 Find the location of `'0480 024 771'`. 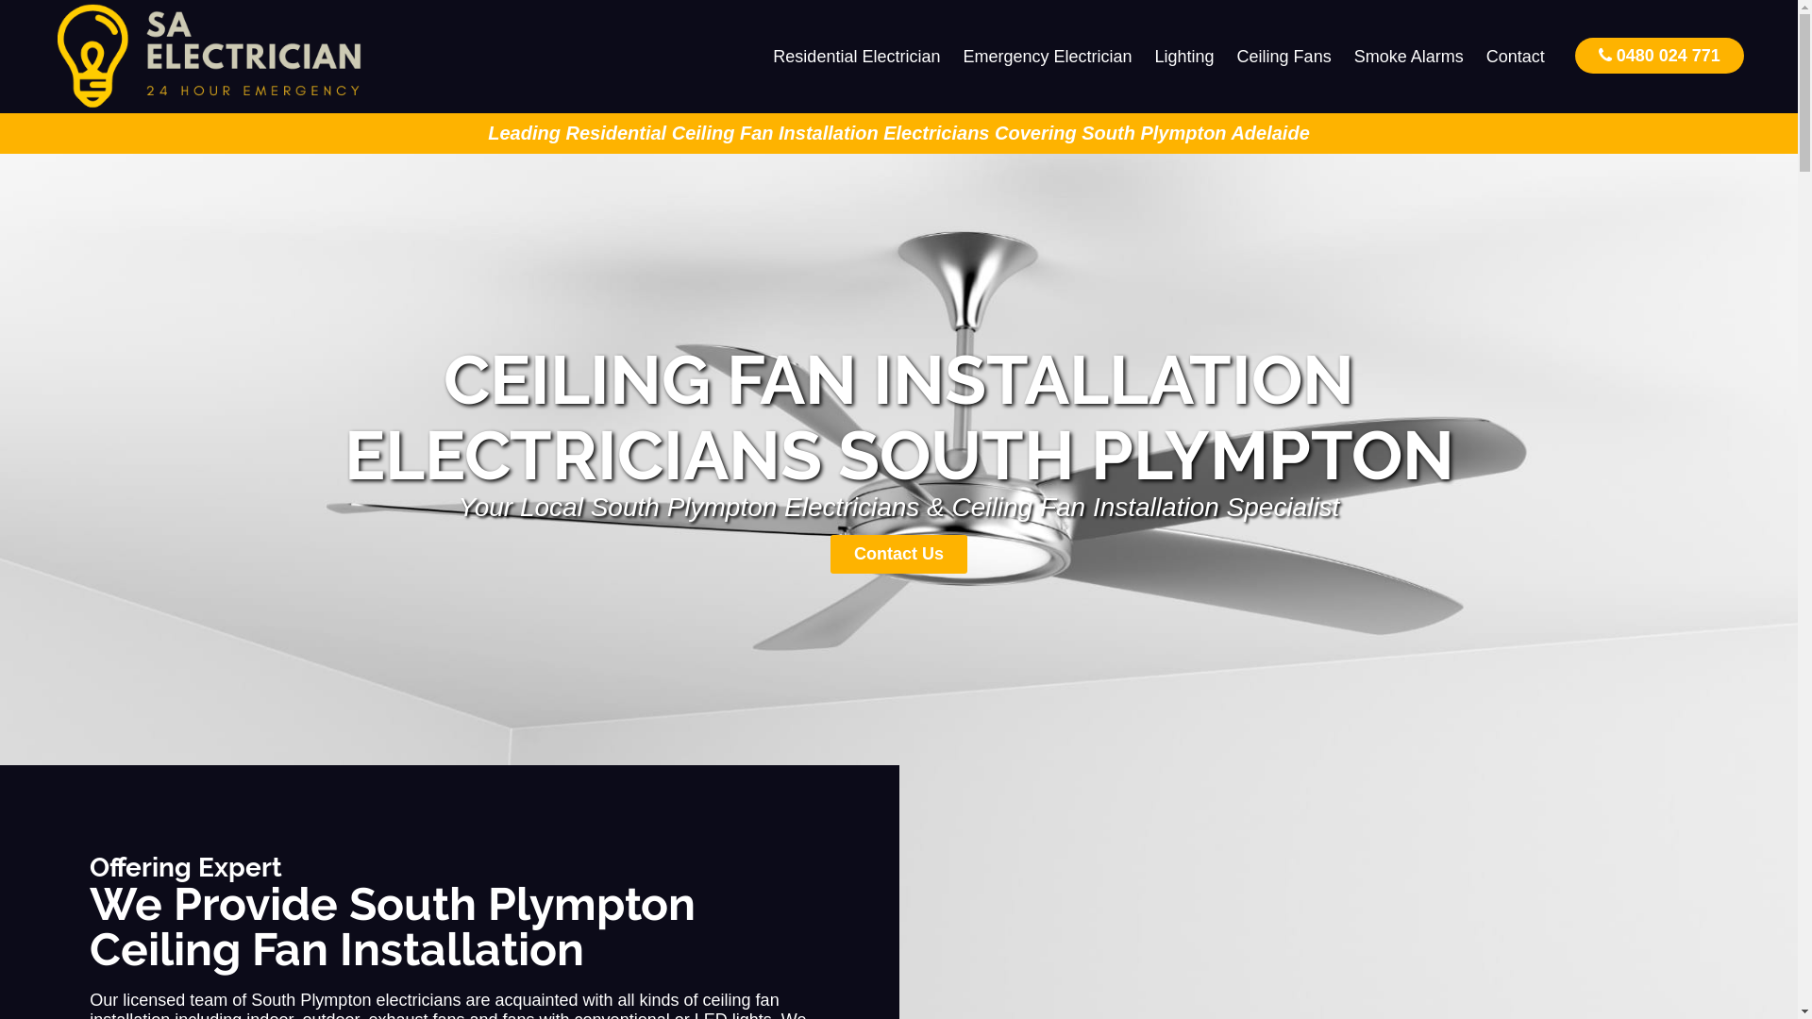

'0480 024 771' is located at coordinates (1658, 54).